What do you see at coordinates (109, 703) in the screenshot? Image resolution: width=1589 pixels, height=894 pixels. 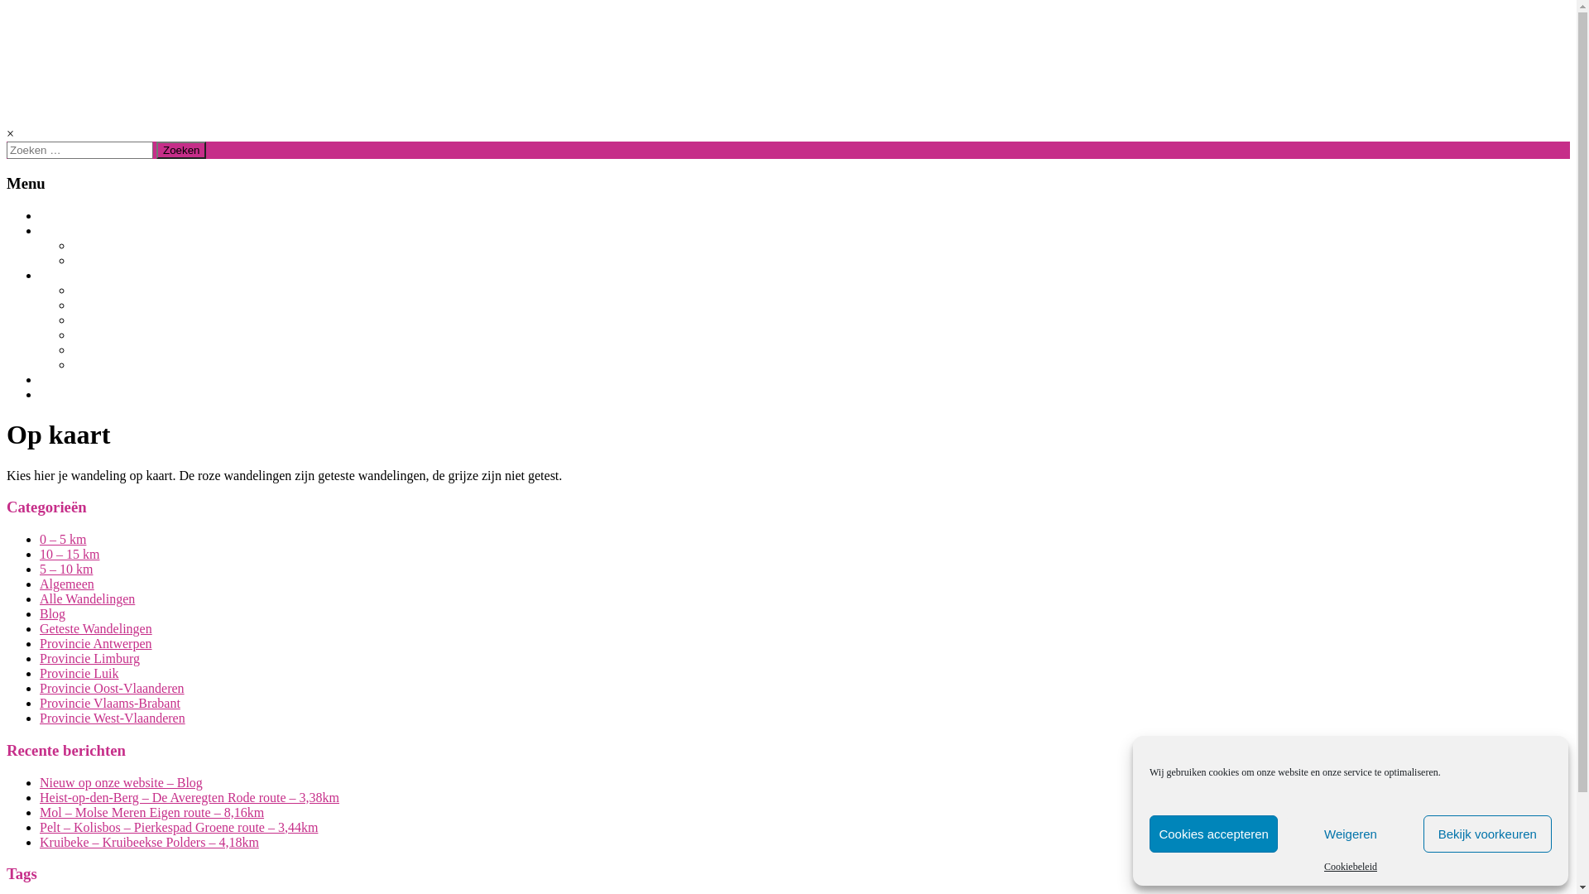 I see `'Provincie Vlaams-Brabant'` at bounding box center [109, 703].